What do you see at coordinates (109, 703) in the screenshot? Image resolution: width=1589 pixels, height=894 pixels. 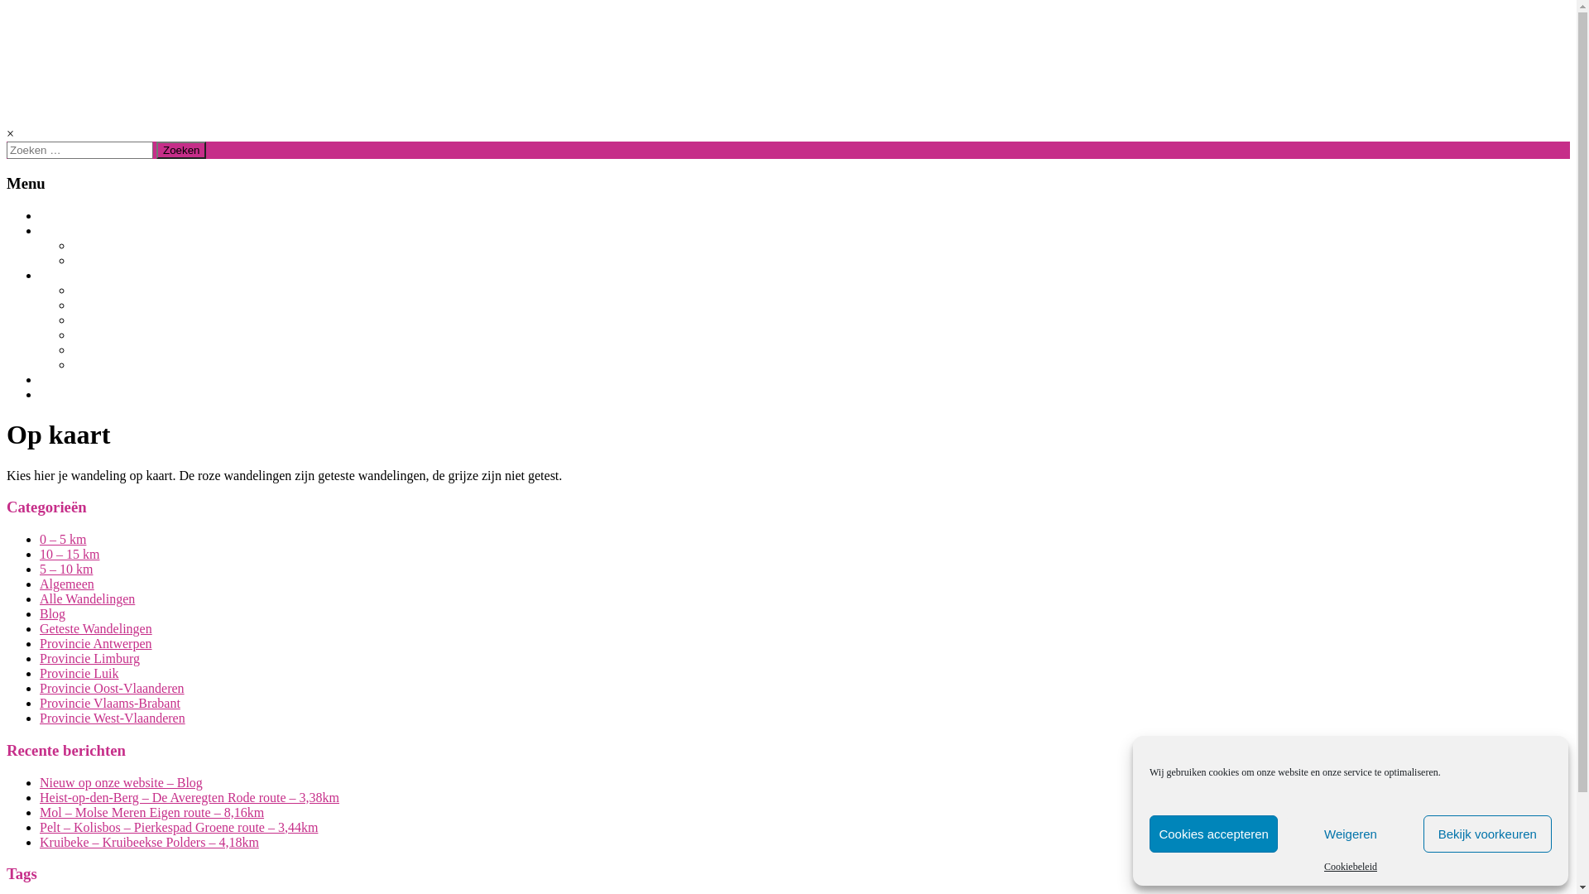 I see `'Provincie Vlaams-Brabant'` at bounding box center [109, 703].